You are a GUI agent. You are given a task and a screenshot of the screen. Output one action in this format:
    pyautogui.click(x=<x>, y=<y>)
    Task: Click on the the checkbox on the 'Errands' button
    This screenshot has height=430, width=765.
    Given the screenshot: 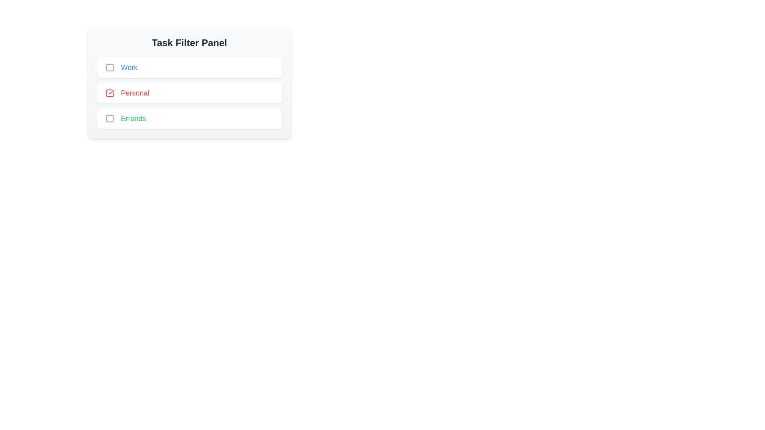 What is the action you would take?
    pyautogui.click(x=189, y=118)
    